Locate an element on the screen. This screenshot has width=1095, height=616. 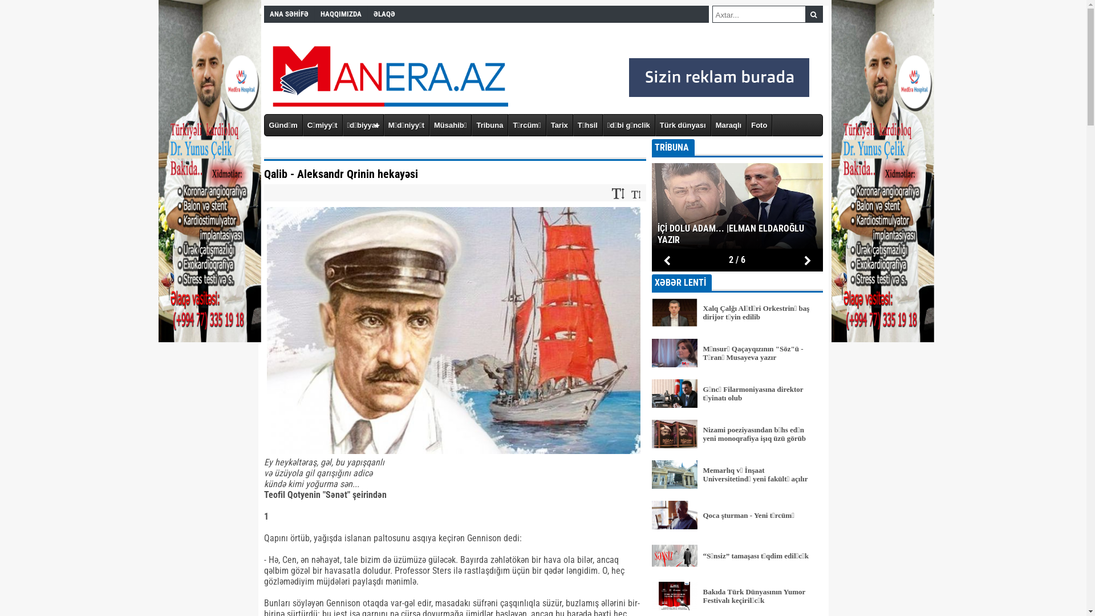
'Foto' is located at coordinates (759, 125).